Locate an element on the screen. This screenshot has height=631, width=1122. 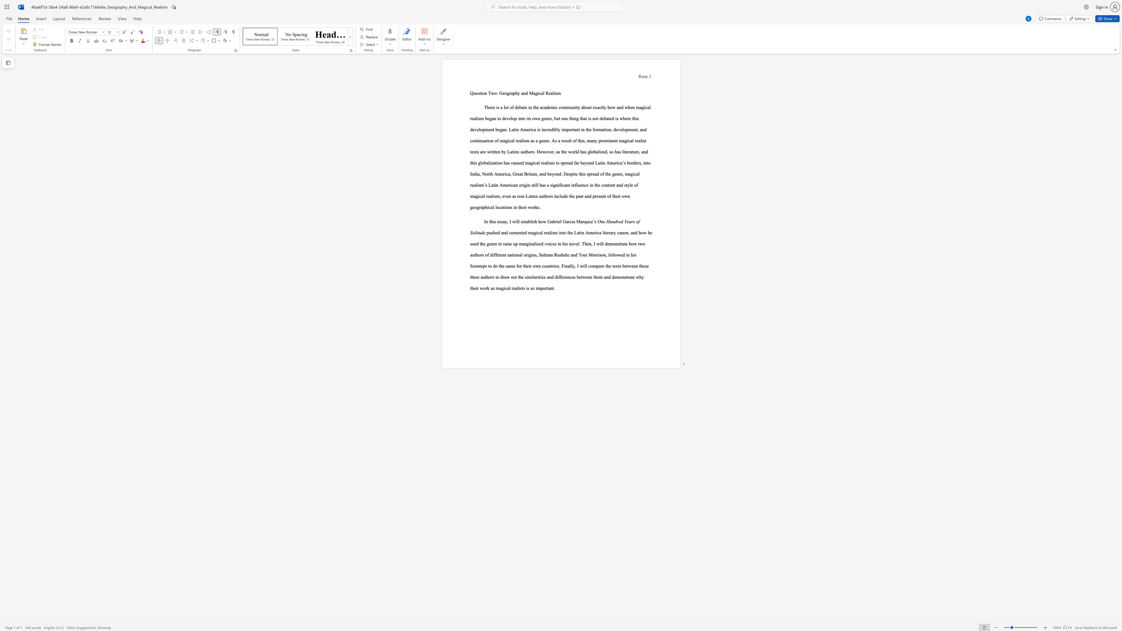
the 2th character "o" in the text is located at coordinates (495, 93).